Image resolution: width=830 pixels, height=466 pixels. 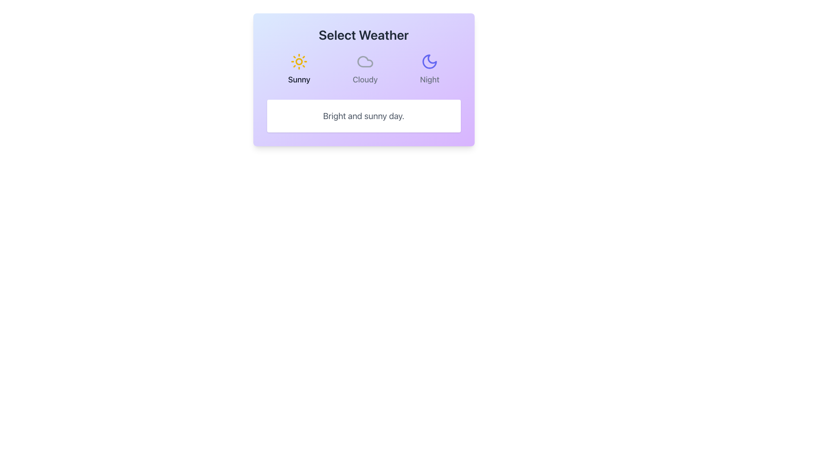 I want to click on descriptive static text displaying the weather condition 'sunny' located within the 'Select Weather' card, positioned below the weather options, so click(x=364, y=116).